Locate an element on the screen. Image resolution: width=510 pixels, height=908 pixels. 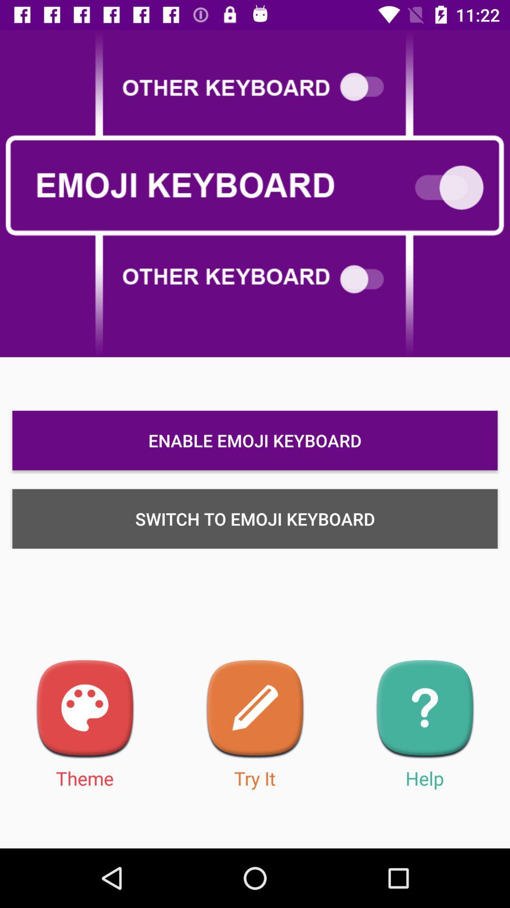
edit text is located at coordinates (255, 709).